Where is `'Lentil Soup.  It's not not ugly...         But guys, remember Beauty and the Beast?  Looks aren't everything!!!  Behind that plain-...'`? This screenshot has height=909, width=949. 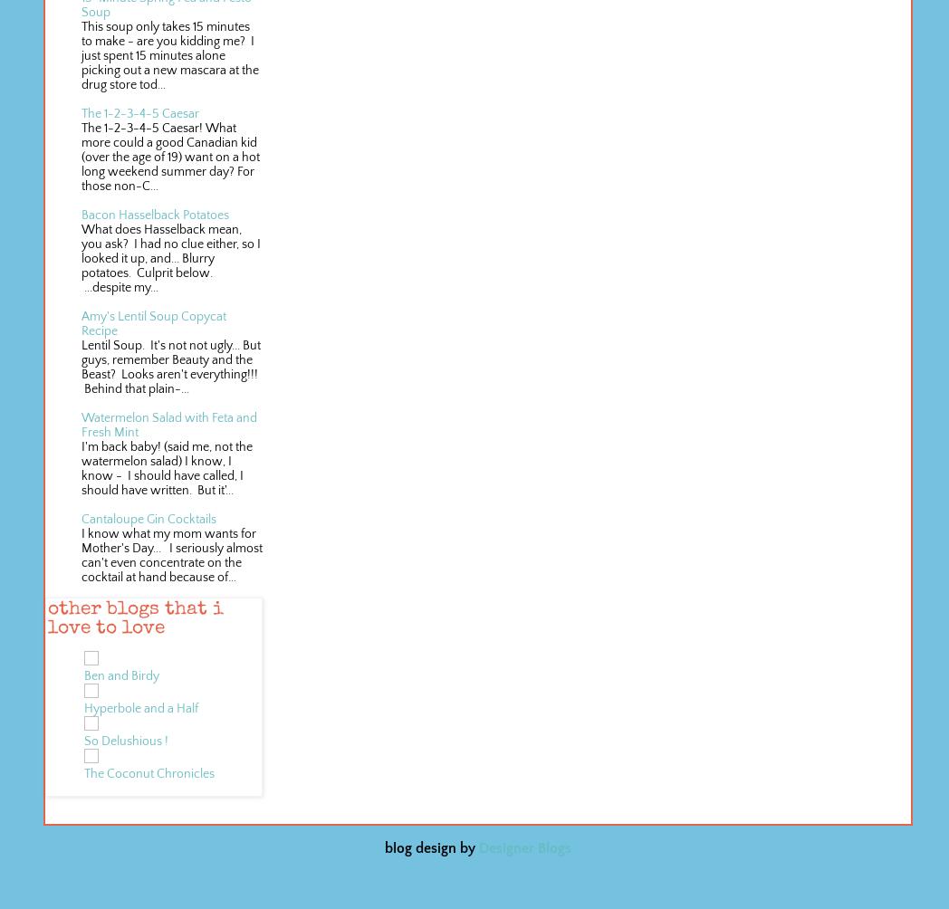
'Lentil Soup.  It's not not ugly...         But guys, remember Beauty and the Beast?  Looks aren't everything!!!  Behind that plain-...' is located at coordinates (169, 367).